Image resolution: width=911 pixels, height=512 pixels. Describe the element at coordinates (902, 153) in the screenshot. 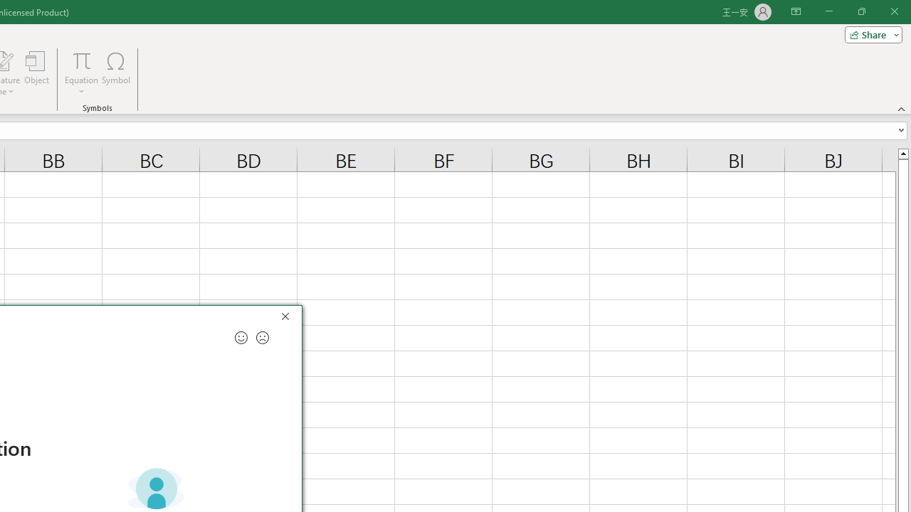

I see `'Line up'` at that location.